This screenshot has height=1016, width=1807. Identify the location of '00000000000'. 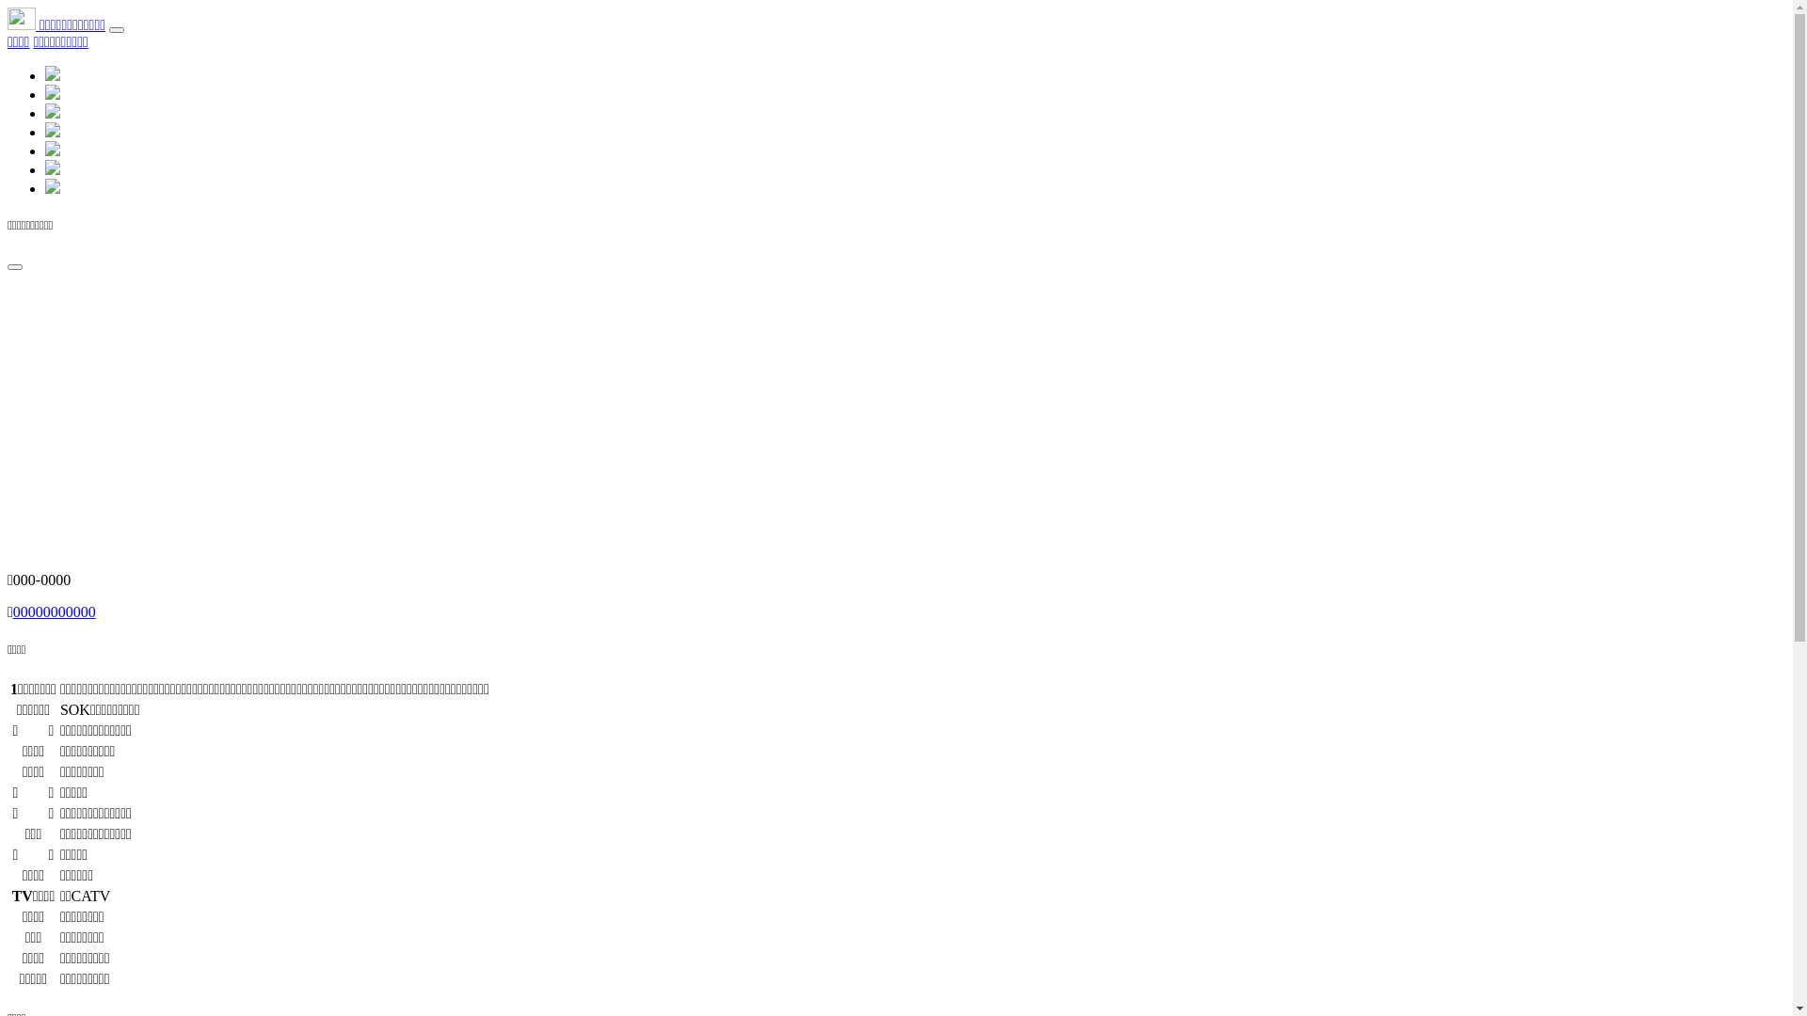
(13, 611).